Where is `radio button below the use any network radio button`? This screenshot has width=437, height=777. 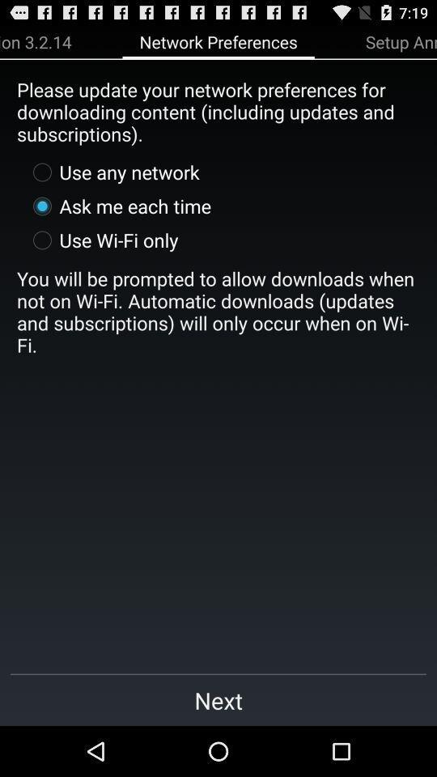 radio button below the use any network radio button is located at coordinates (117, 205).